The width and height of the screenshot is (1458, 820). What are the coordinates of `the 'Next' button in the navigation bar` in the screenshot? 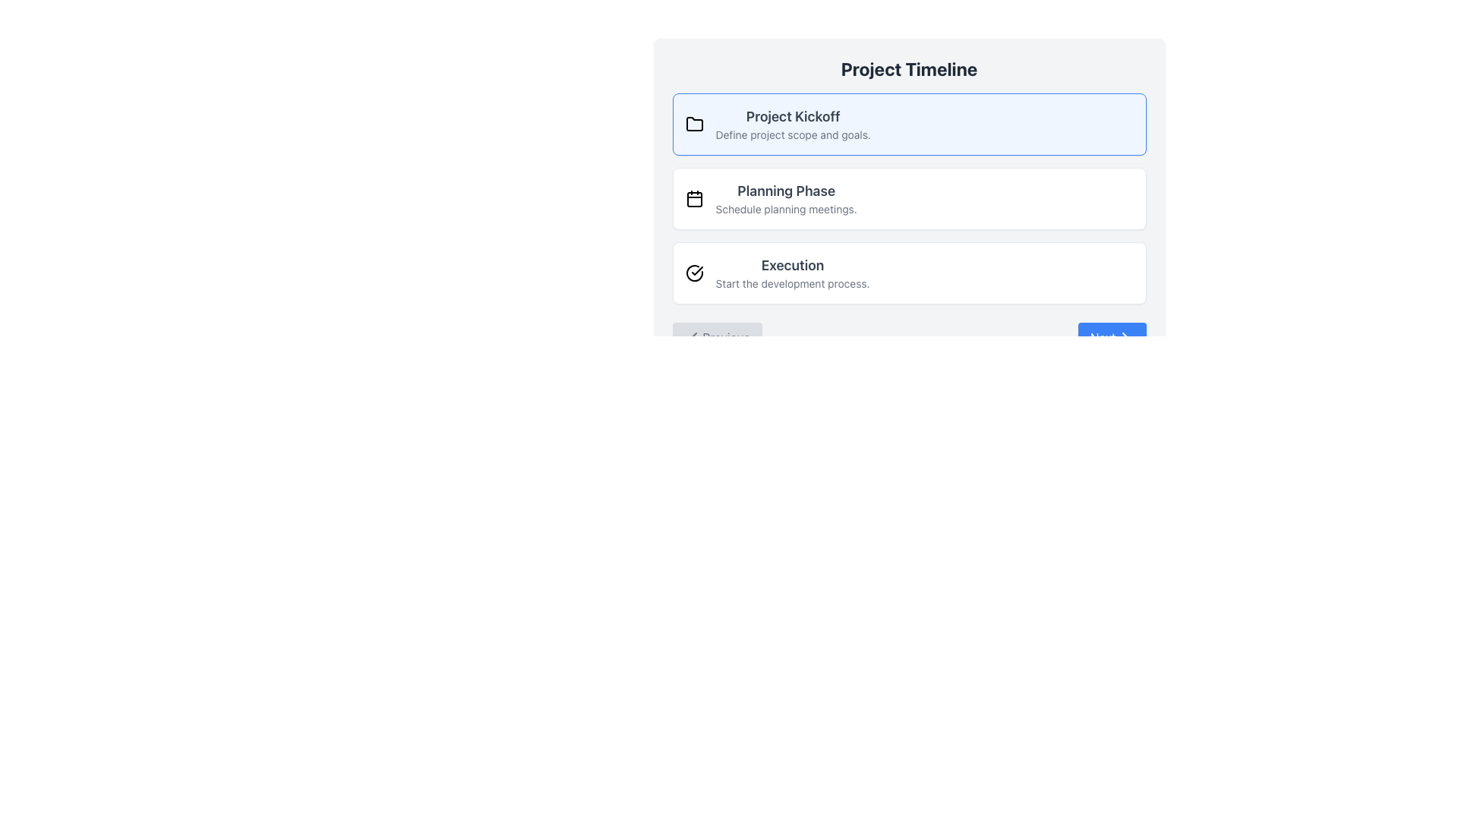 It's located at (909, 336).